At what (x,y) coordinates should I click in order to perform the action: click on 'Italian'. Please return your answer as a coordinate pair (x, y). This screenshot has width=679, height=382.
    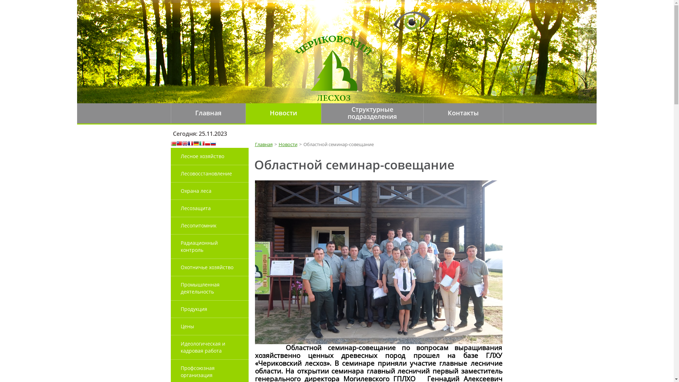
    Looking at the image, I should click on (201, 144).